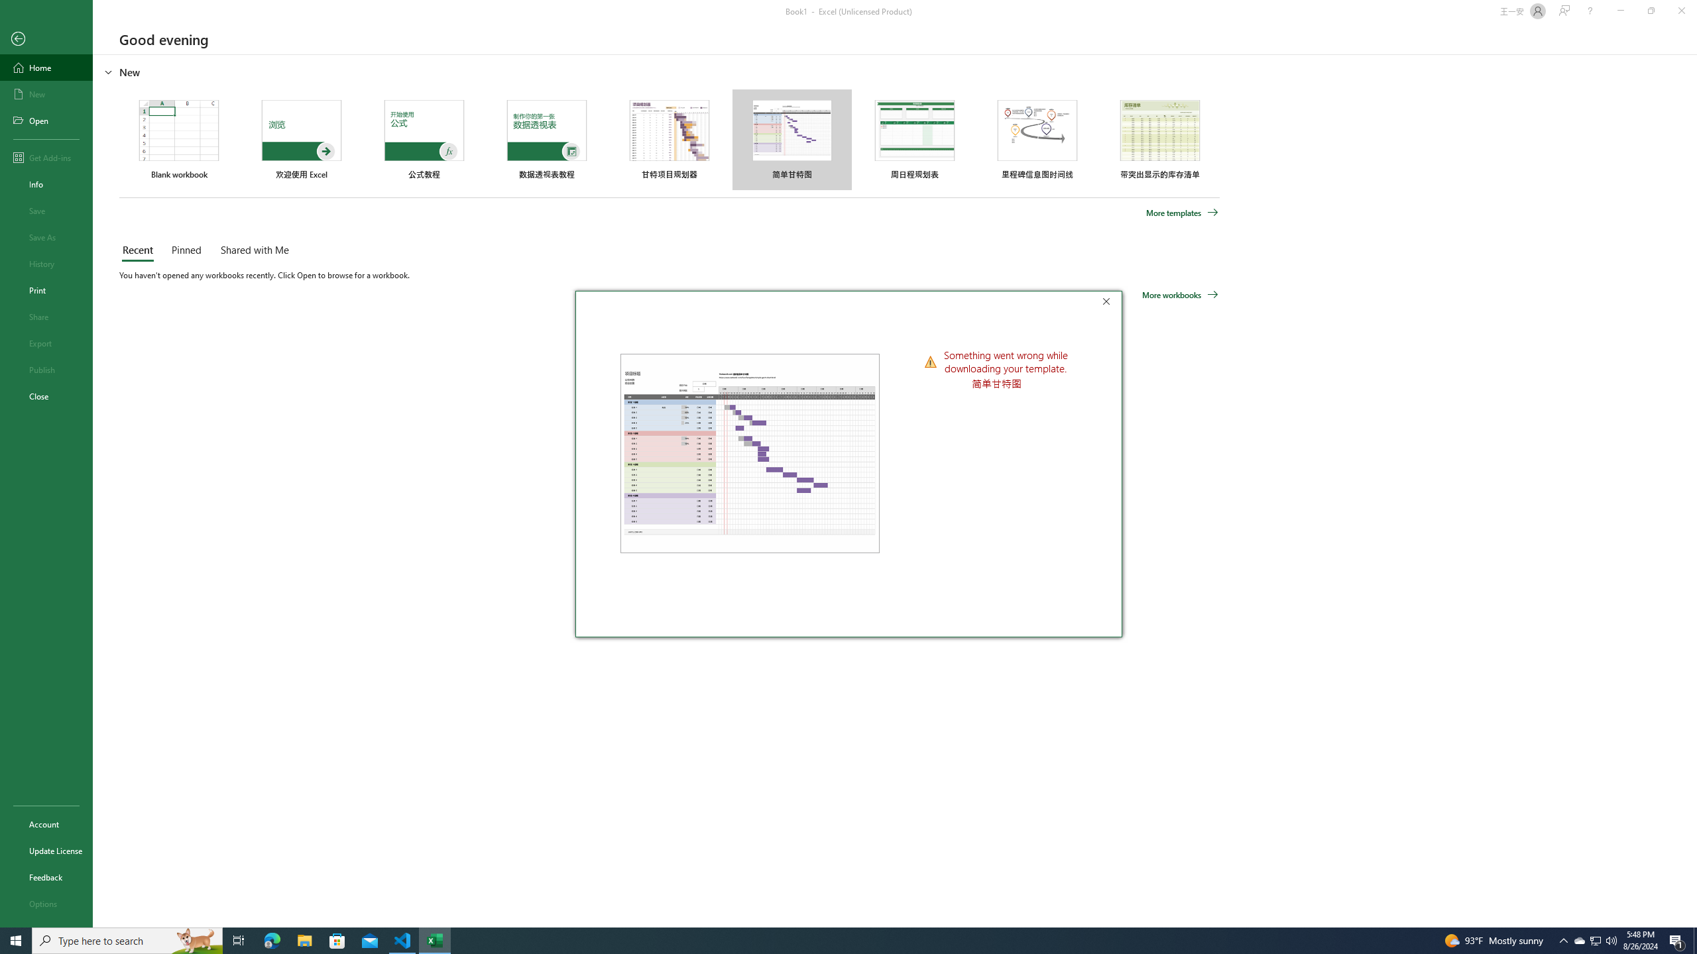 This screenshot has width=1697, height=954. What do you see at coordinates (46, 317) in the screenshot?
I see `'Share'` at bounding box center [46, 317].